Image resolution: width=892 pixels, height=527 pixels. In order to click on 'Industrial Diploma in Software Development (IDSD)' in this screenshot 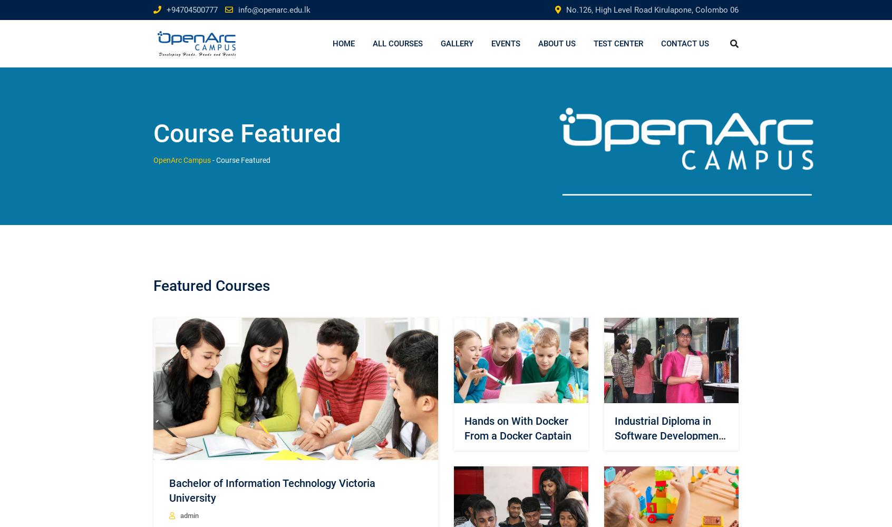, I will do `click(614, 435)`.